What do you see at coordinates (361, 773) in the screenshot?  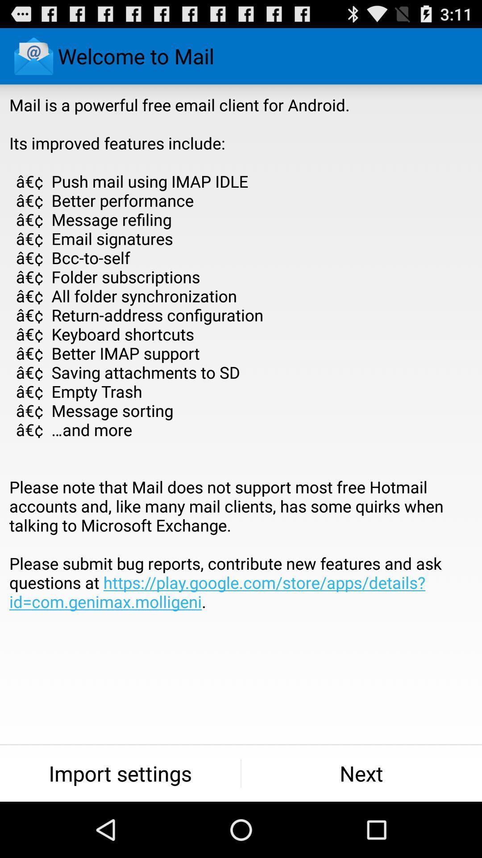 I see `the next` at bounding box center [361, 773].